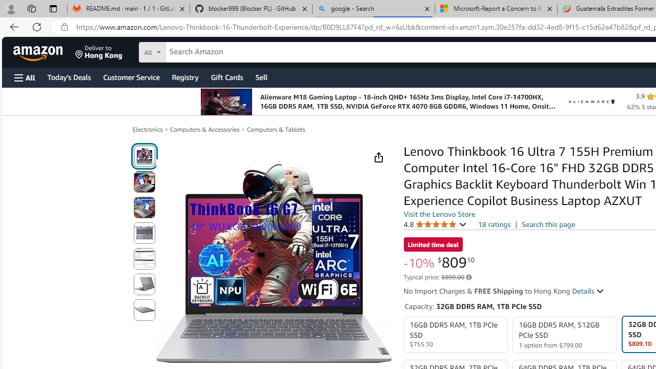  What do you see at coordinates (455, 335) in the screenshot?
I see `'16GB DDR5 RAM, 1TB PCIe SSD $755.10'` at bounding box center [455, 335].